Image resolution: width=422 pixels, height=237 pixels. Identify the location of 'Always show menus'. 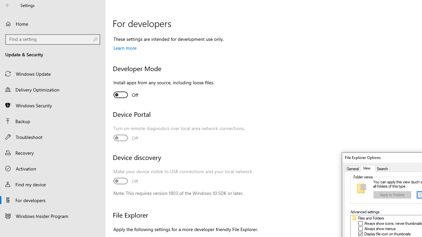
(380, 228).